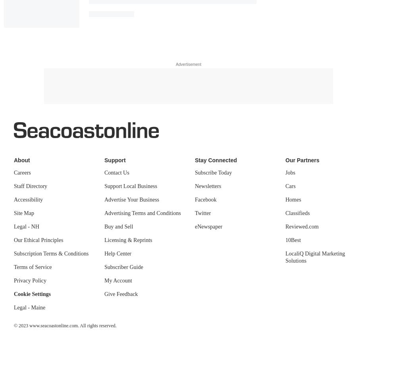  I want to click on 'Subscribe Today', so click(213, 173).